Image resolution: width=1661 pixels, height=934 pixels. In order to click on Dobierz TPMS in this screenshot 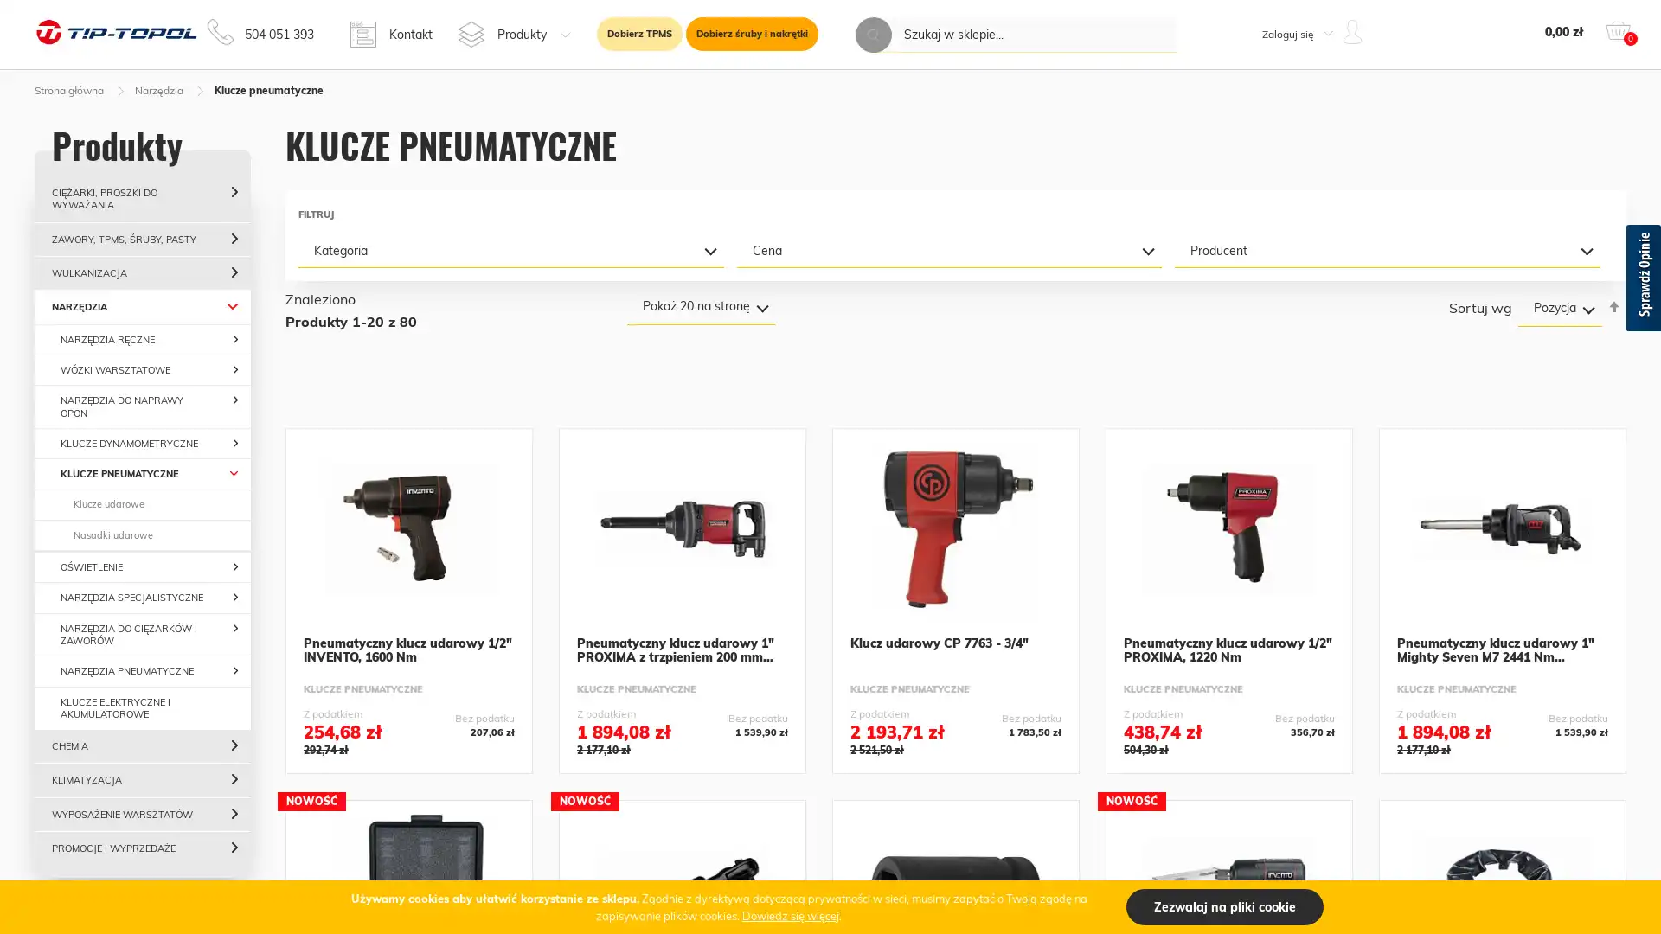, I will do `click(638, 34)`.